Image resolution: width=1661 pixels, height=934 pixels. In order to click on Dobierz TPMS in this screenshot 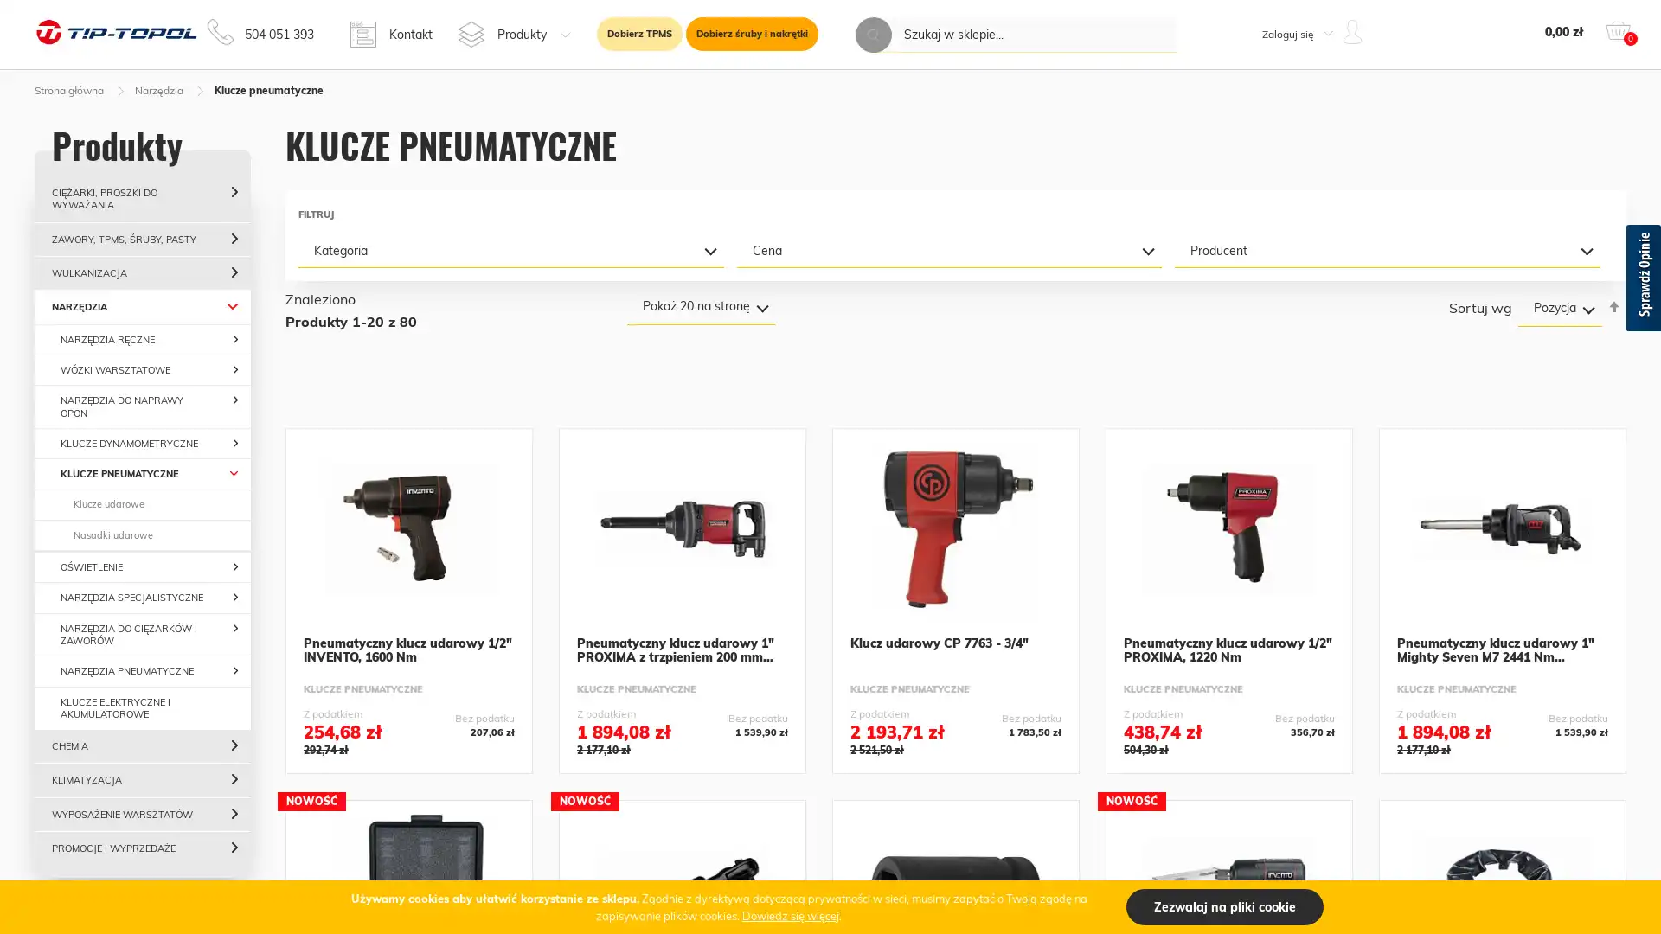, I will do `click(638, 34)`.